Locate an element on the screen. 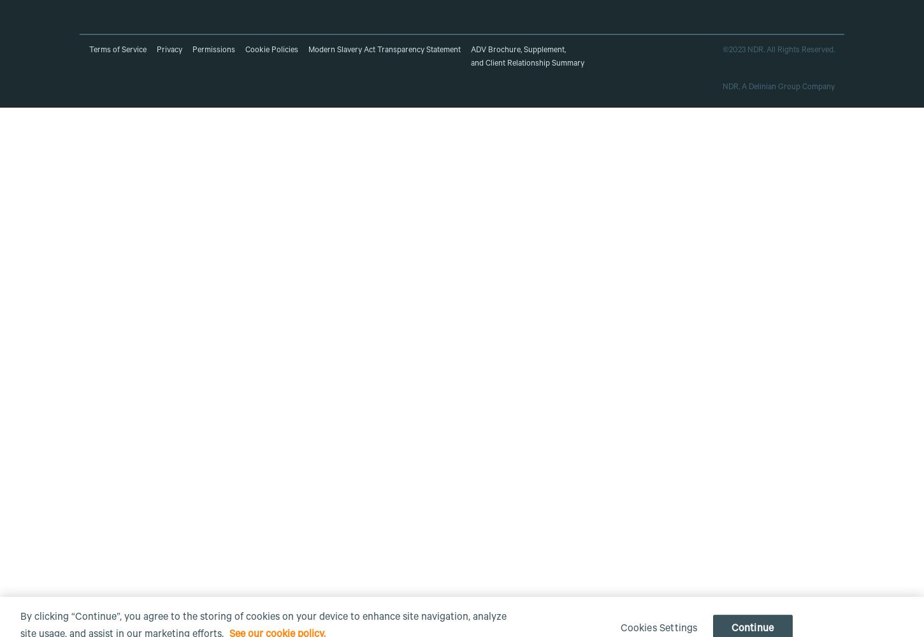 The image size is (924, 637). 'Terms of Service' is located at coordinates (117, 50).